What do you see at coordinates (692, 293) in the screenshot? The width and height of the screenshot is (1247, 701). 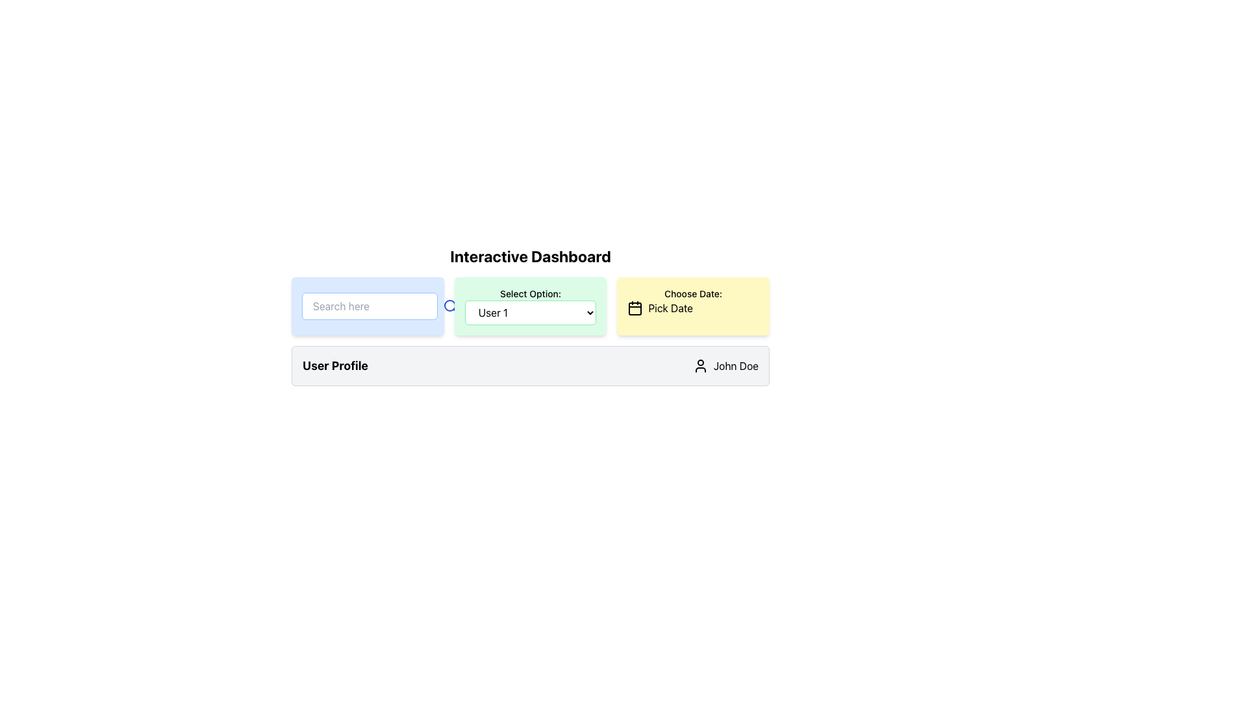 I see `the text label that reads 'Choose Date:', which is styled with a small font size and medium weight, positioned above the 'Pick Date' control in the right section of the layout` at bounding box center [692, 293].